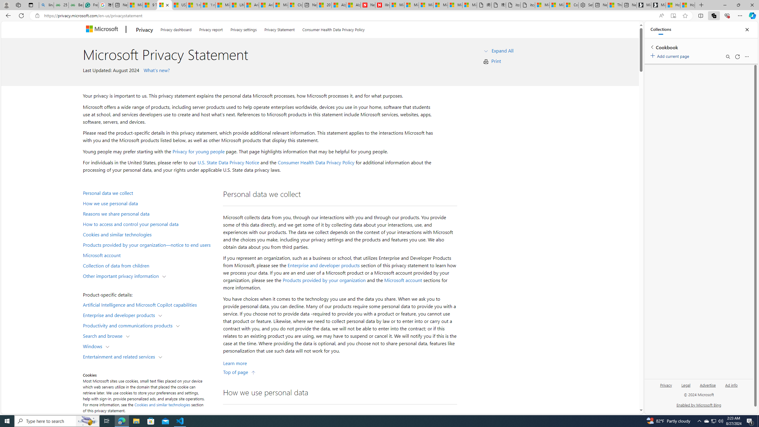  Describe the element at coordinates (502, 50) in the screenshot. I see `'Expand All'` at that location.